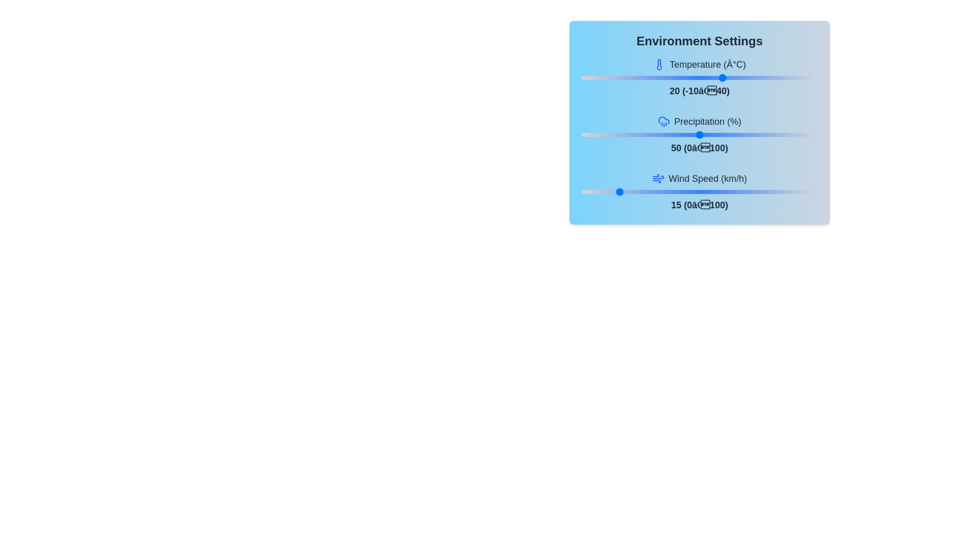 The height and width of the screenshot is (550, 977). Describe the element at coordinates (600, 77) in the screenshot. I see `the temperature` at that location.